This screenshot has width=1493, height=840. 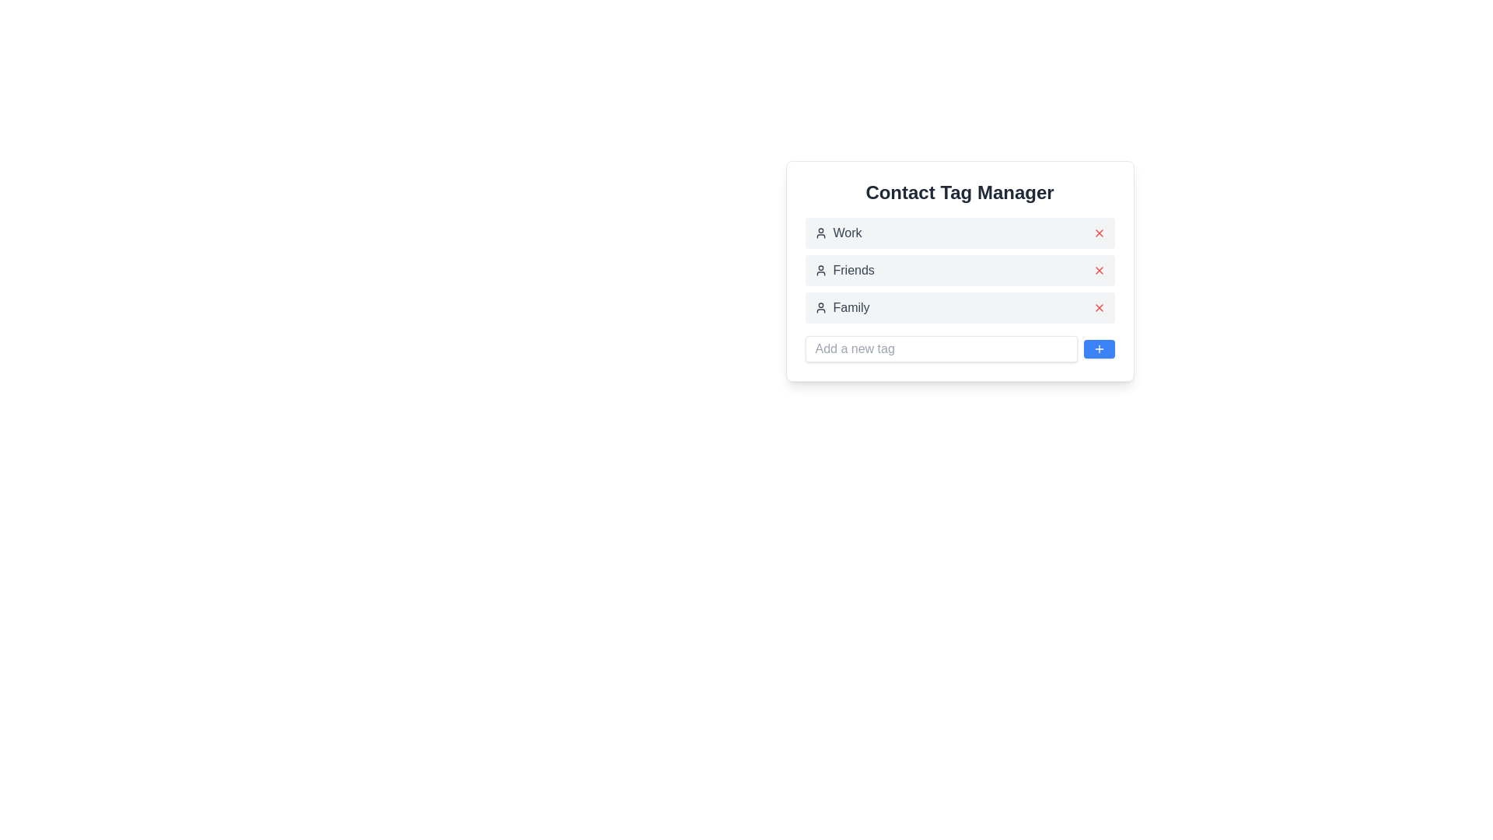 I want to click on the close button represented by a red 'X' icon, positioned to the right of the 'Work' tag text, so click(x=1098, y=233).